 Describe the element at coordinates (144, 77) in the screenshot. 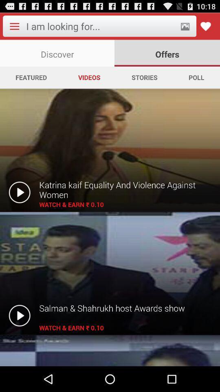

I see `the item below the discover app` at that location.